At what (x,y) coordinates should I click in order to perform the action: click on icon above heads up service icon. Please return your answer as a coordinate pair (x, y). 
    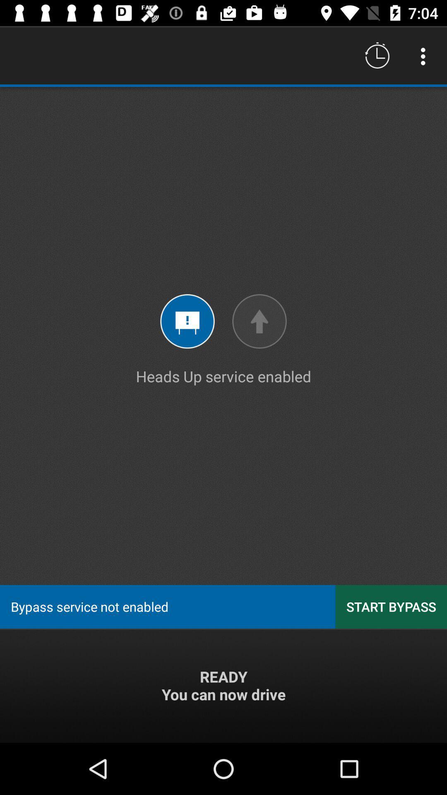
    Looking at the image, I should click on (425, 56).